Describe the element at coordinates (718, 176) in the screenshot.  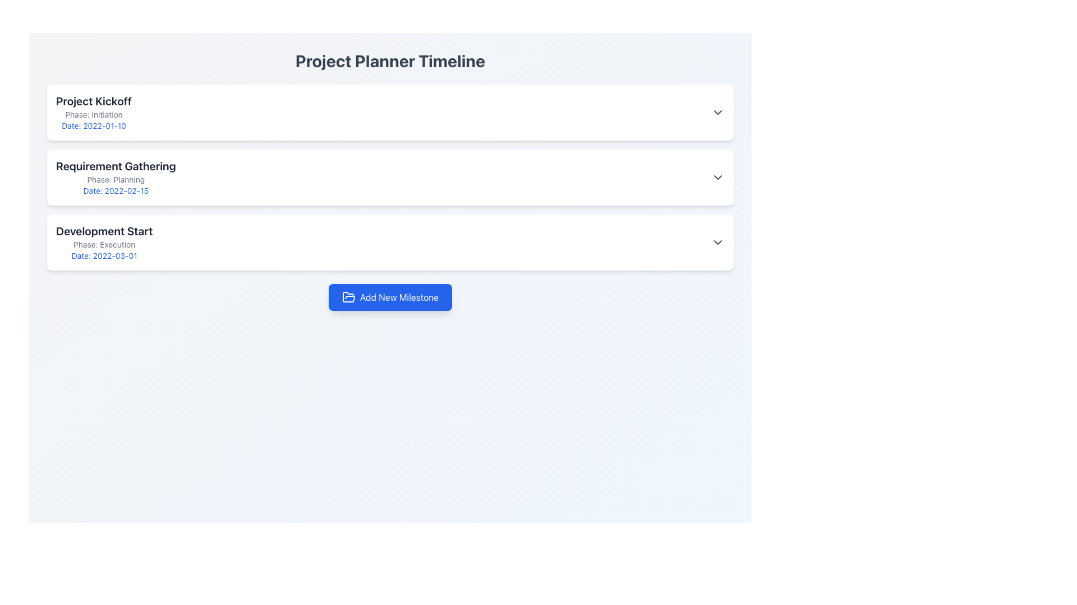
I see `the downward-pointing chevron icon toggle button located at the far-right end of the 'Requirement Gathering' section header bar` at that location.